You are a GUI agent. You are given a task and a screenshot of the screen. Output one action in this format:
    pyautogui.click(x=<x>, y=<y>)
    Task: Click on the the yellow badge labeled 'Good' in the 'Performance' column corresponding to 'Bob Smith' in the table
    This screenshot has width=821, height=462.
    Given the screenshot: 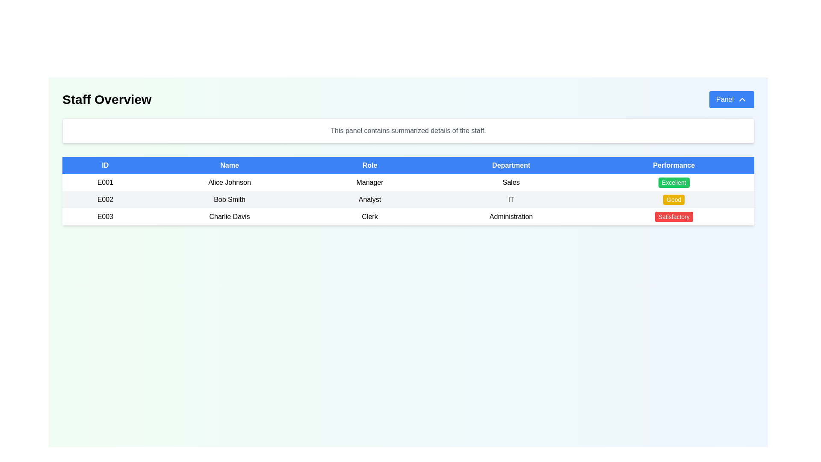 What is the action you would take?
    pyautogui.click(x=673, y=199)
    